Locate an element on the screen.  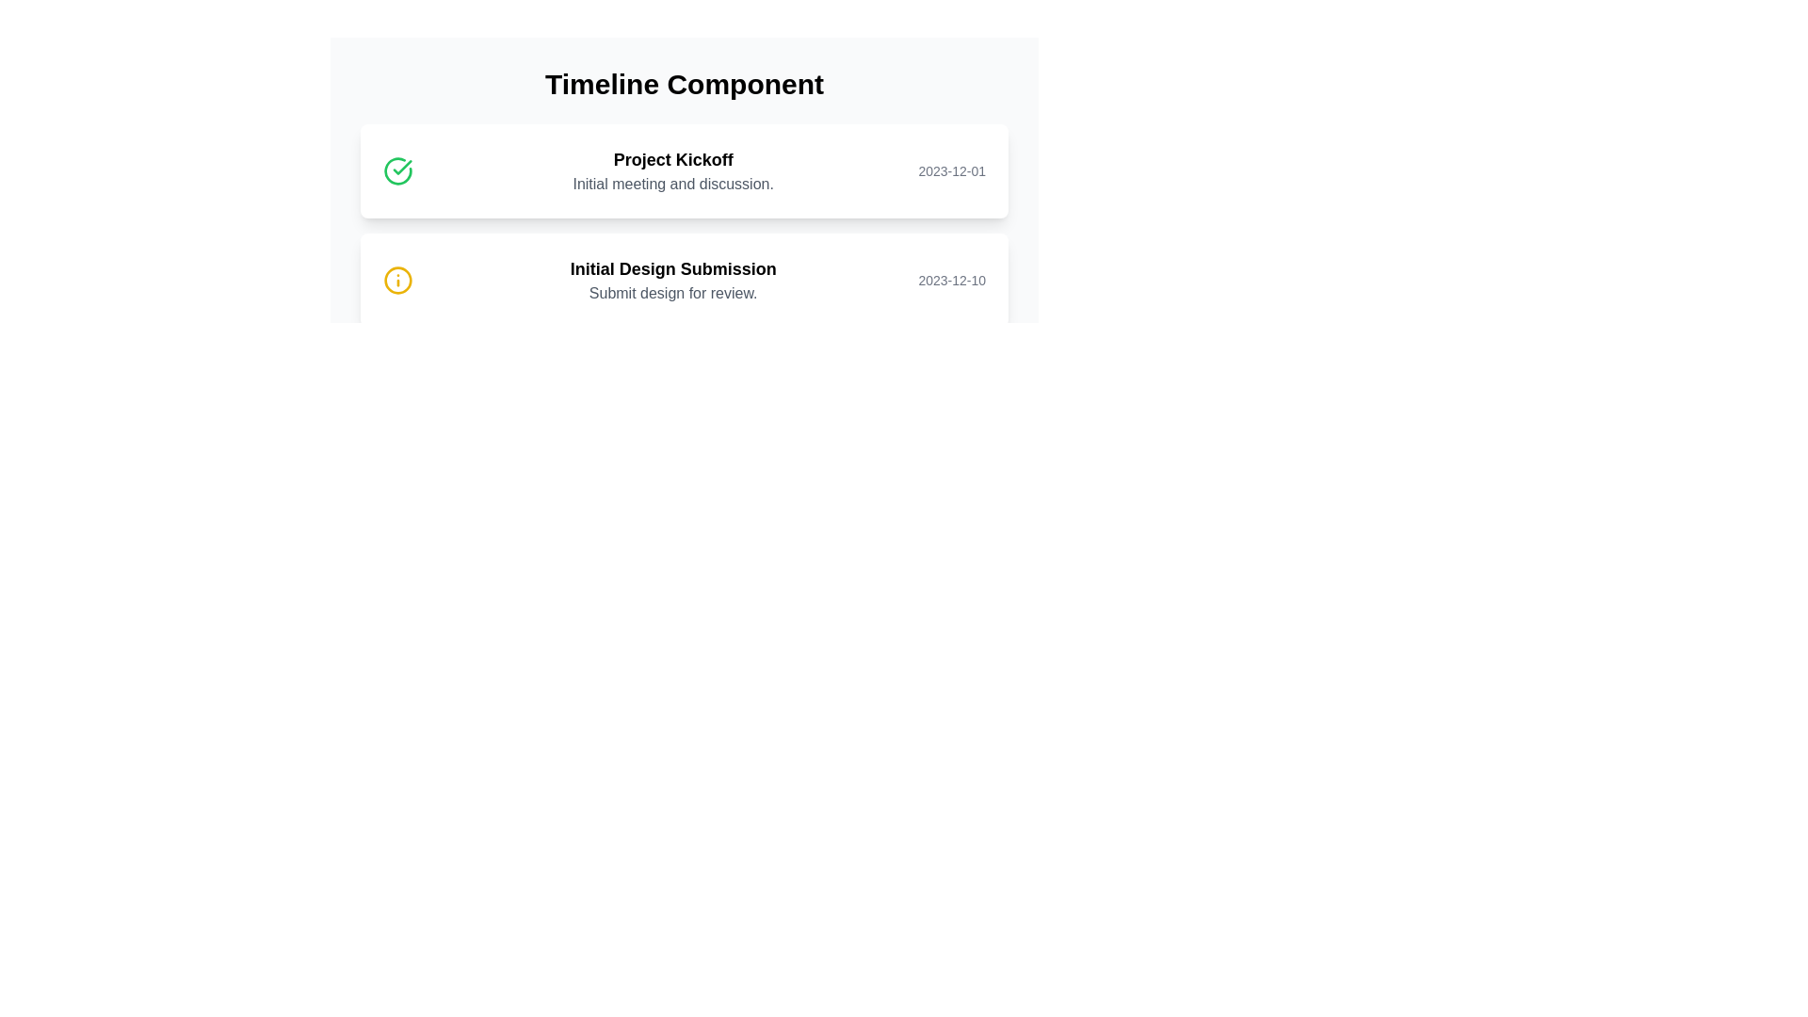
the yellow circular outline icon representing information, located to the left of the text 'Initial Design Submission' in the timeline interface is located at coordinates (396, 280).